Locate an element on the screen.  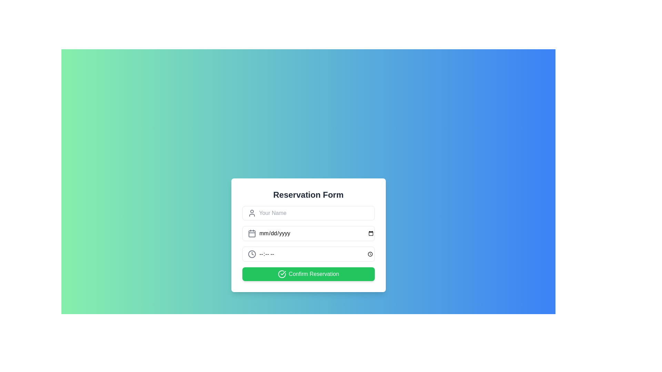
the submission button located at the bottom-center of the form to confirm the reservation is located at coordinates (308, 273).